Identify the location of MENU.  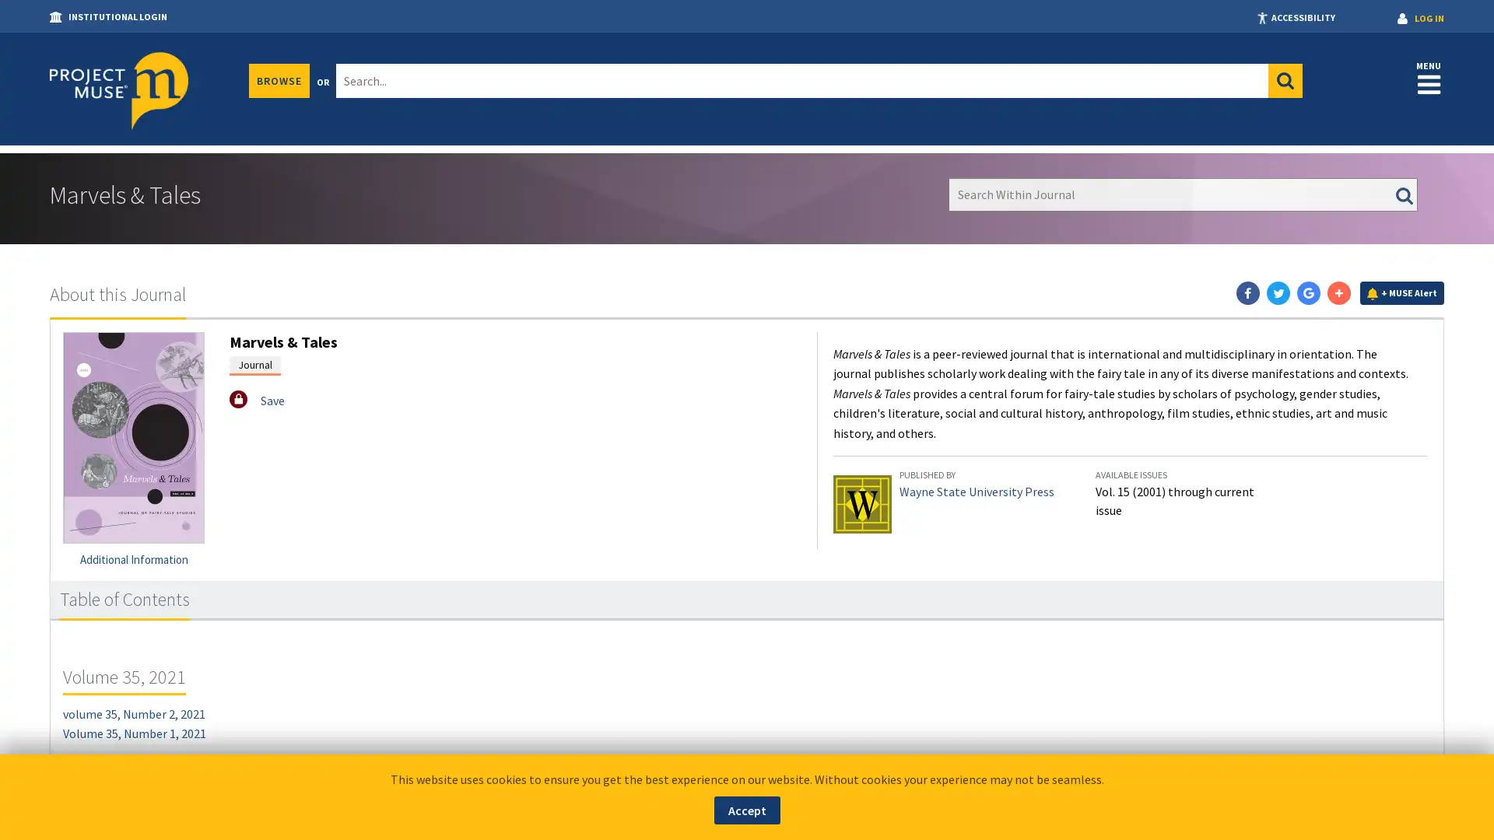
(1429, 77).